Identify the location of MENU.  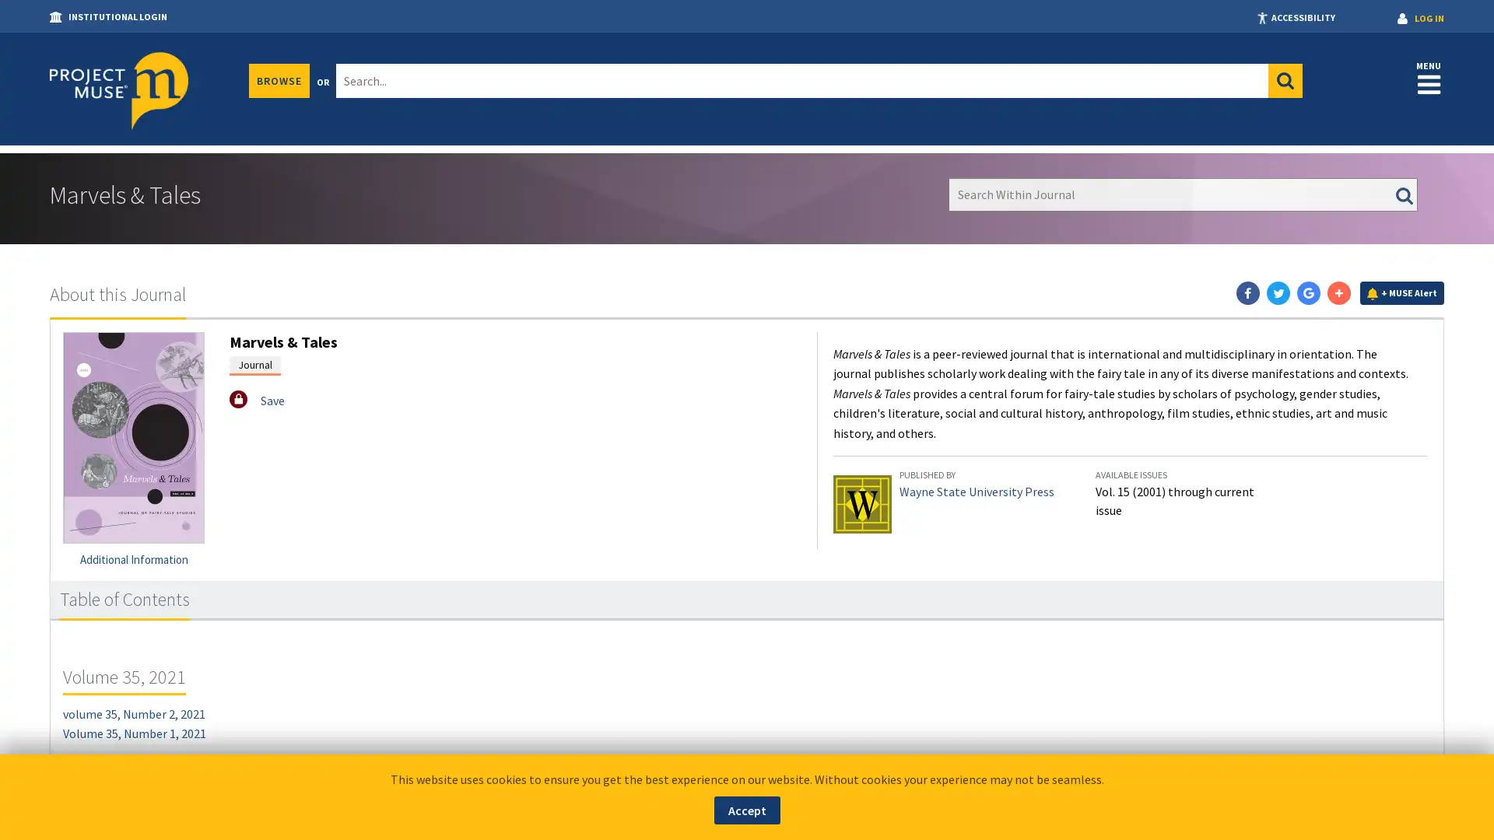
(1429, 77).